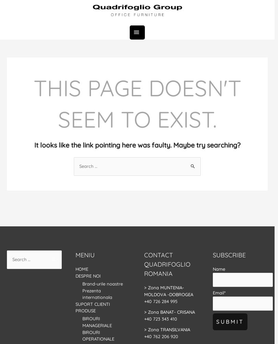  I want to click on 'Contact Quadrifoglio Romania', so click(167, 264).